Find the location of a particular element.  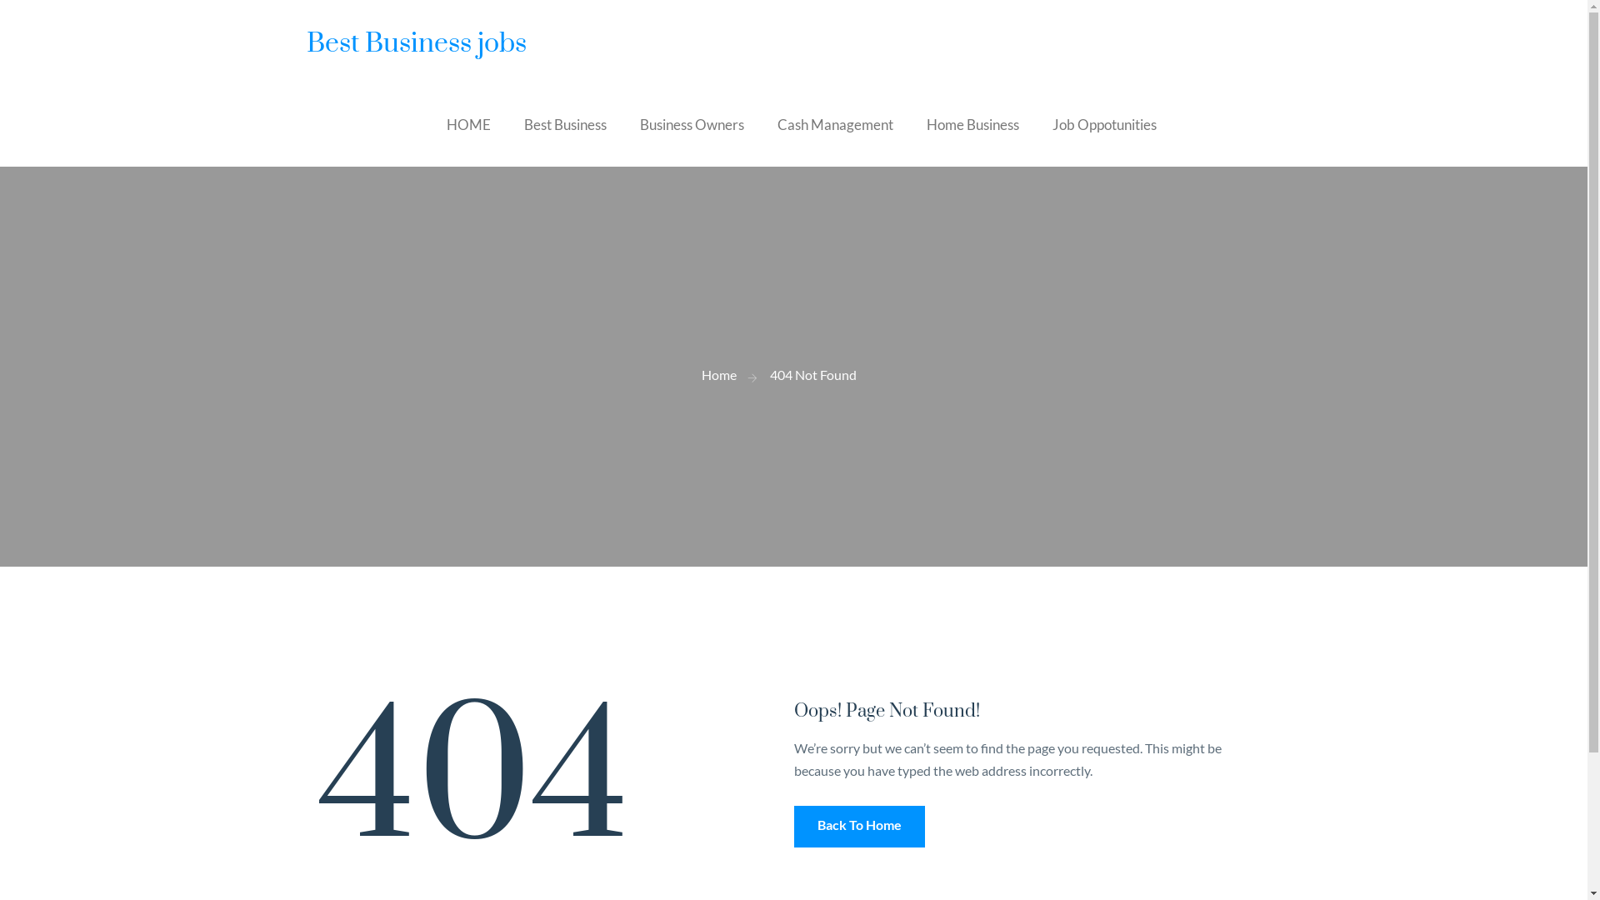

'Best Business' is located at coordinates (564, 124).